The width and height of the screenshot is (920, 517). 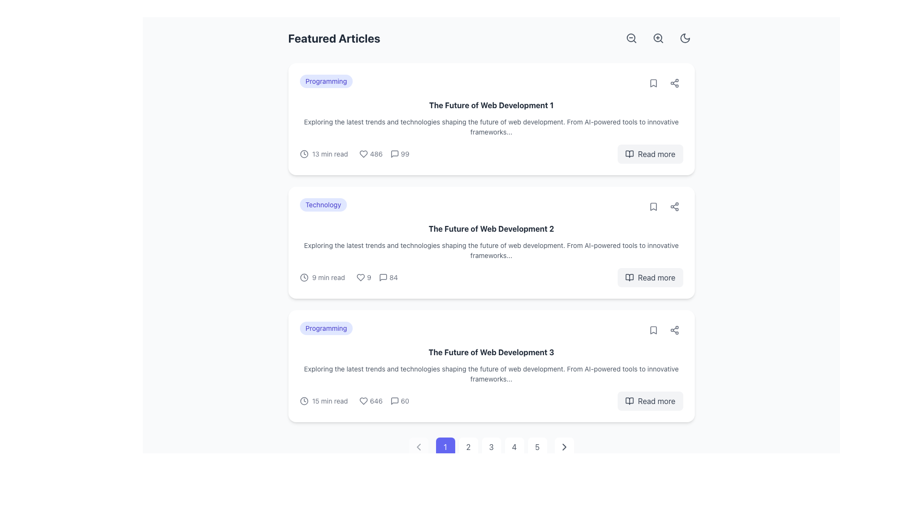 What do you see at coordinates (418, 447) in the screenshot?
I see `the leftward-pointing chevron icon in the navigation bar` at bounding box center [418, 447].